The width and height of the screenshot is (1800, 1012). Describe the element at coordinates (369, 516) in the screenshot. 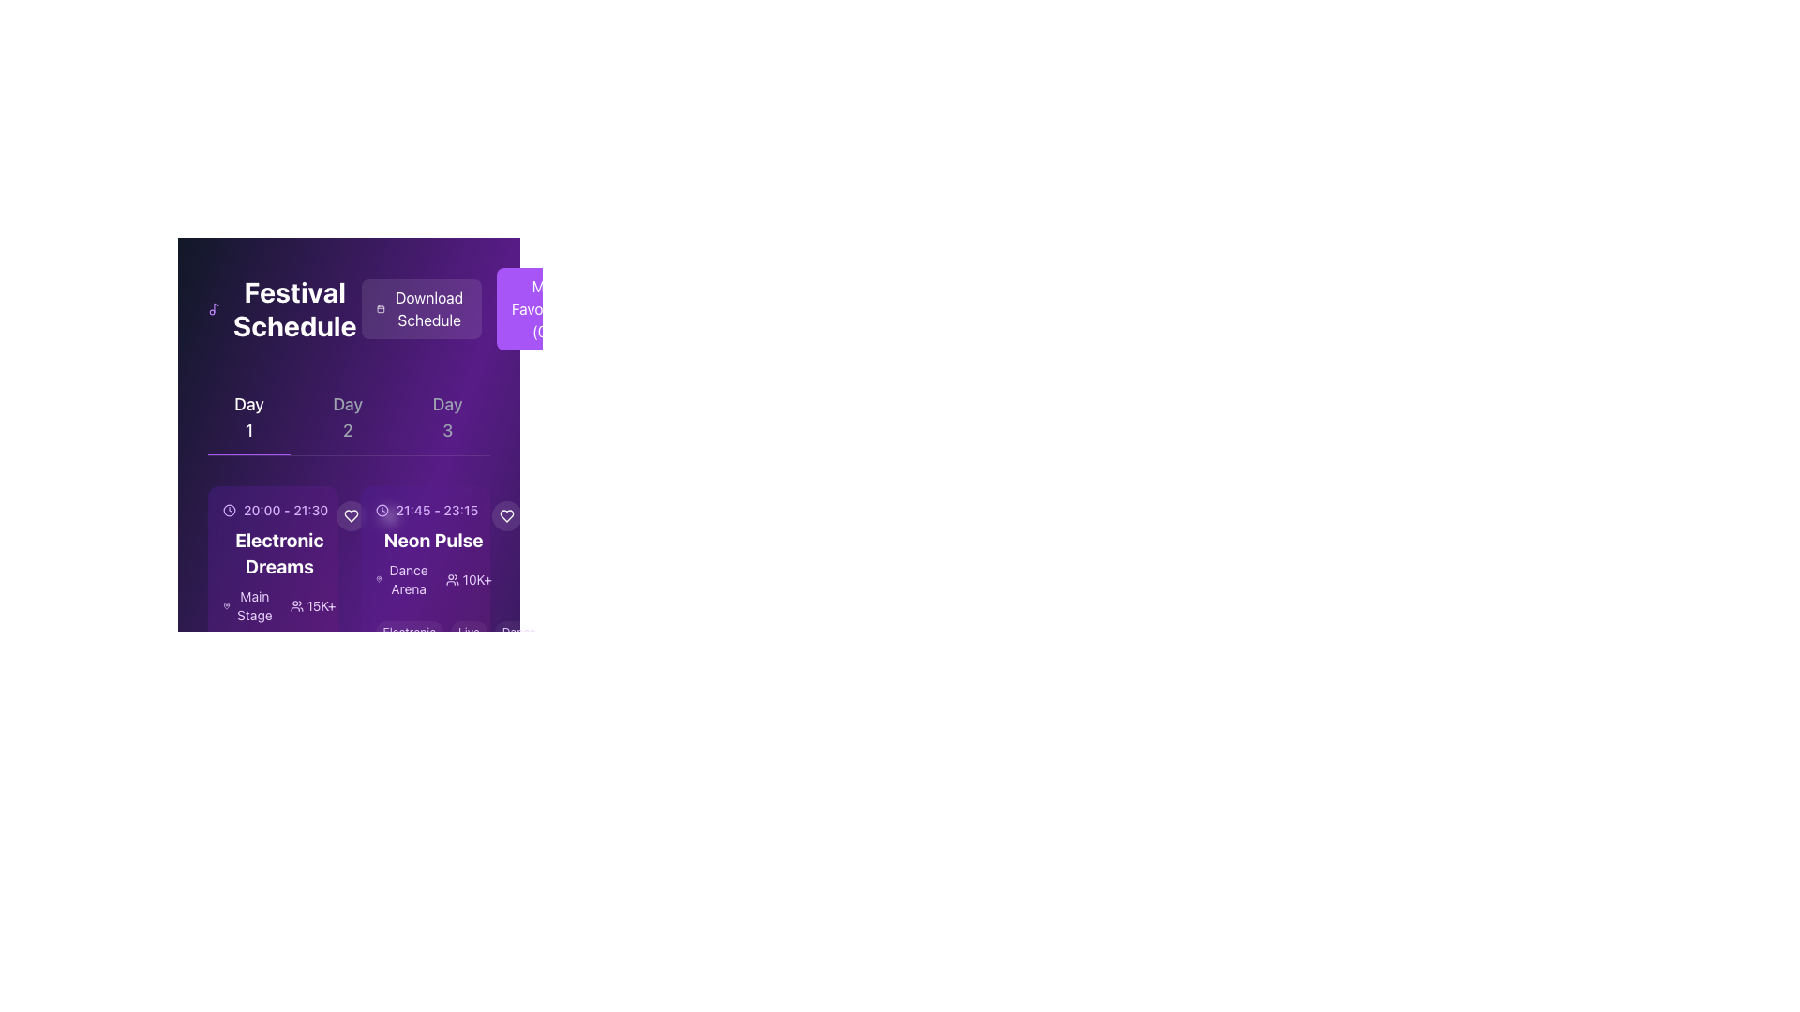

I see `the clock icon button, which is the right button in the horizontally aligned group of two buttons between the 'Electronic Dreams' and 'Neon Pulse' event cards` at that location.